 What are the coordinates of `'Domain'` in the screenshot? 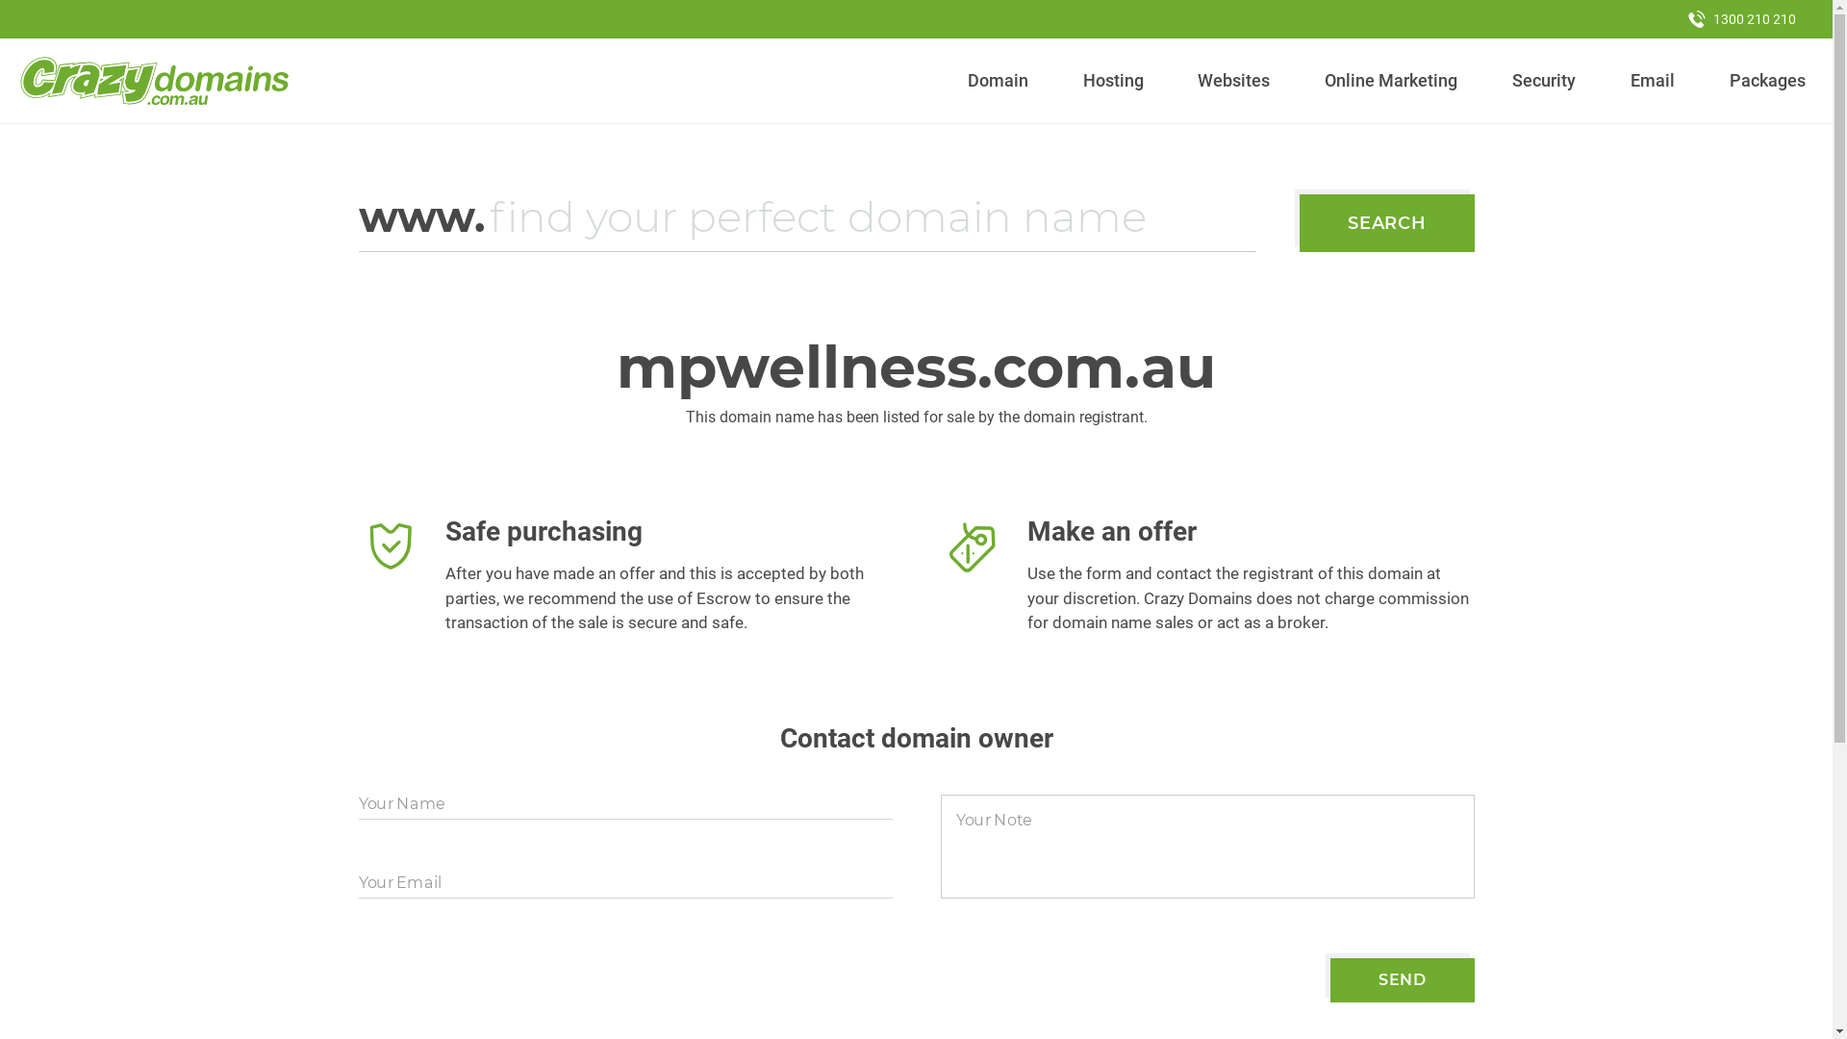 It's located at (998, 80).